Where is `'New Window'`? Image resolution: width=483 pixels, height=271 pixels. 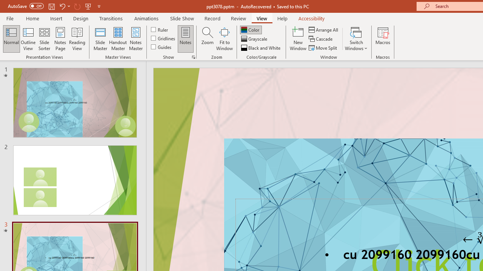 'New Window' is located at coordinates (298, 39).